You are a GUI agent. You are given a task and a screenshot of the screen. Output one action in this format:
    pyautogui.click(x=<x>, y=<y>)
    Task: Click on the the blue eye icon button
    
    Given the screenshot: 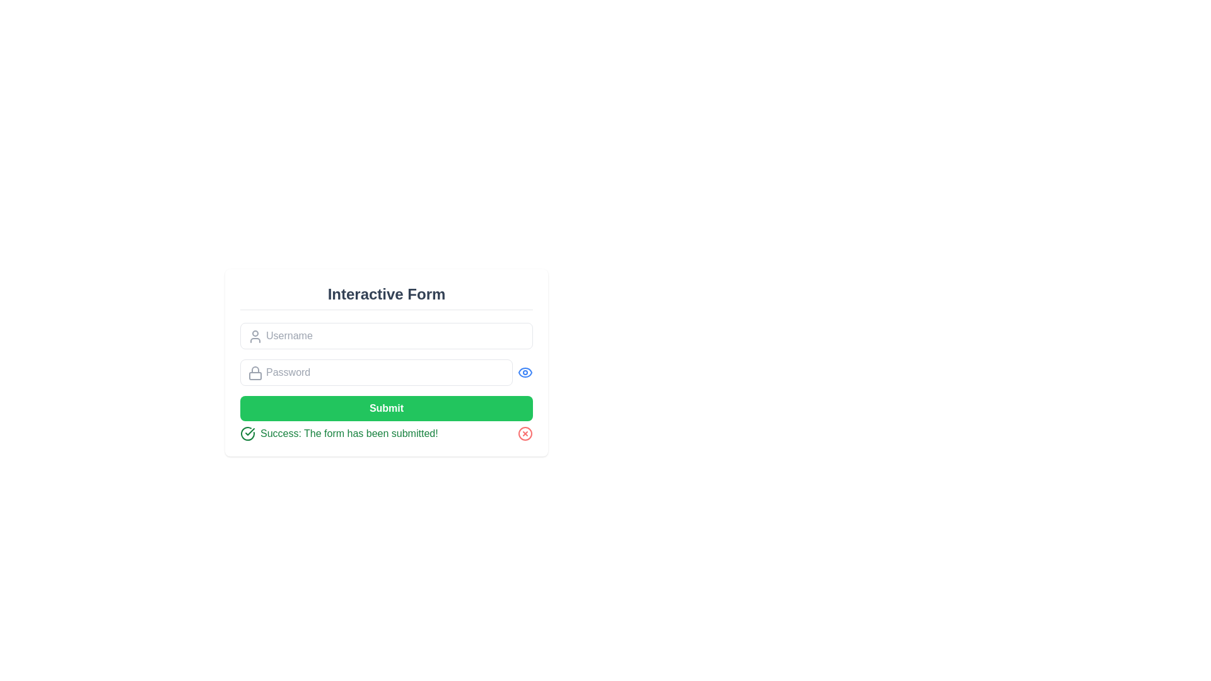 What is the action you would take?
    pyautogui.click(x=525, y=371)
    